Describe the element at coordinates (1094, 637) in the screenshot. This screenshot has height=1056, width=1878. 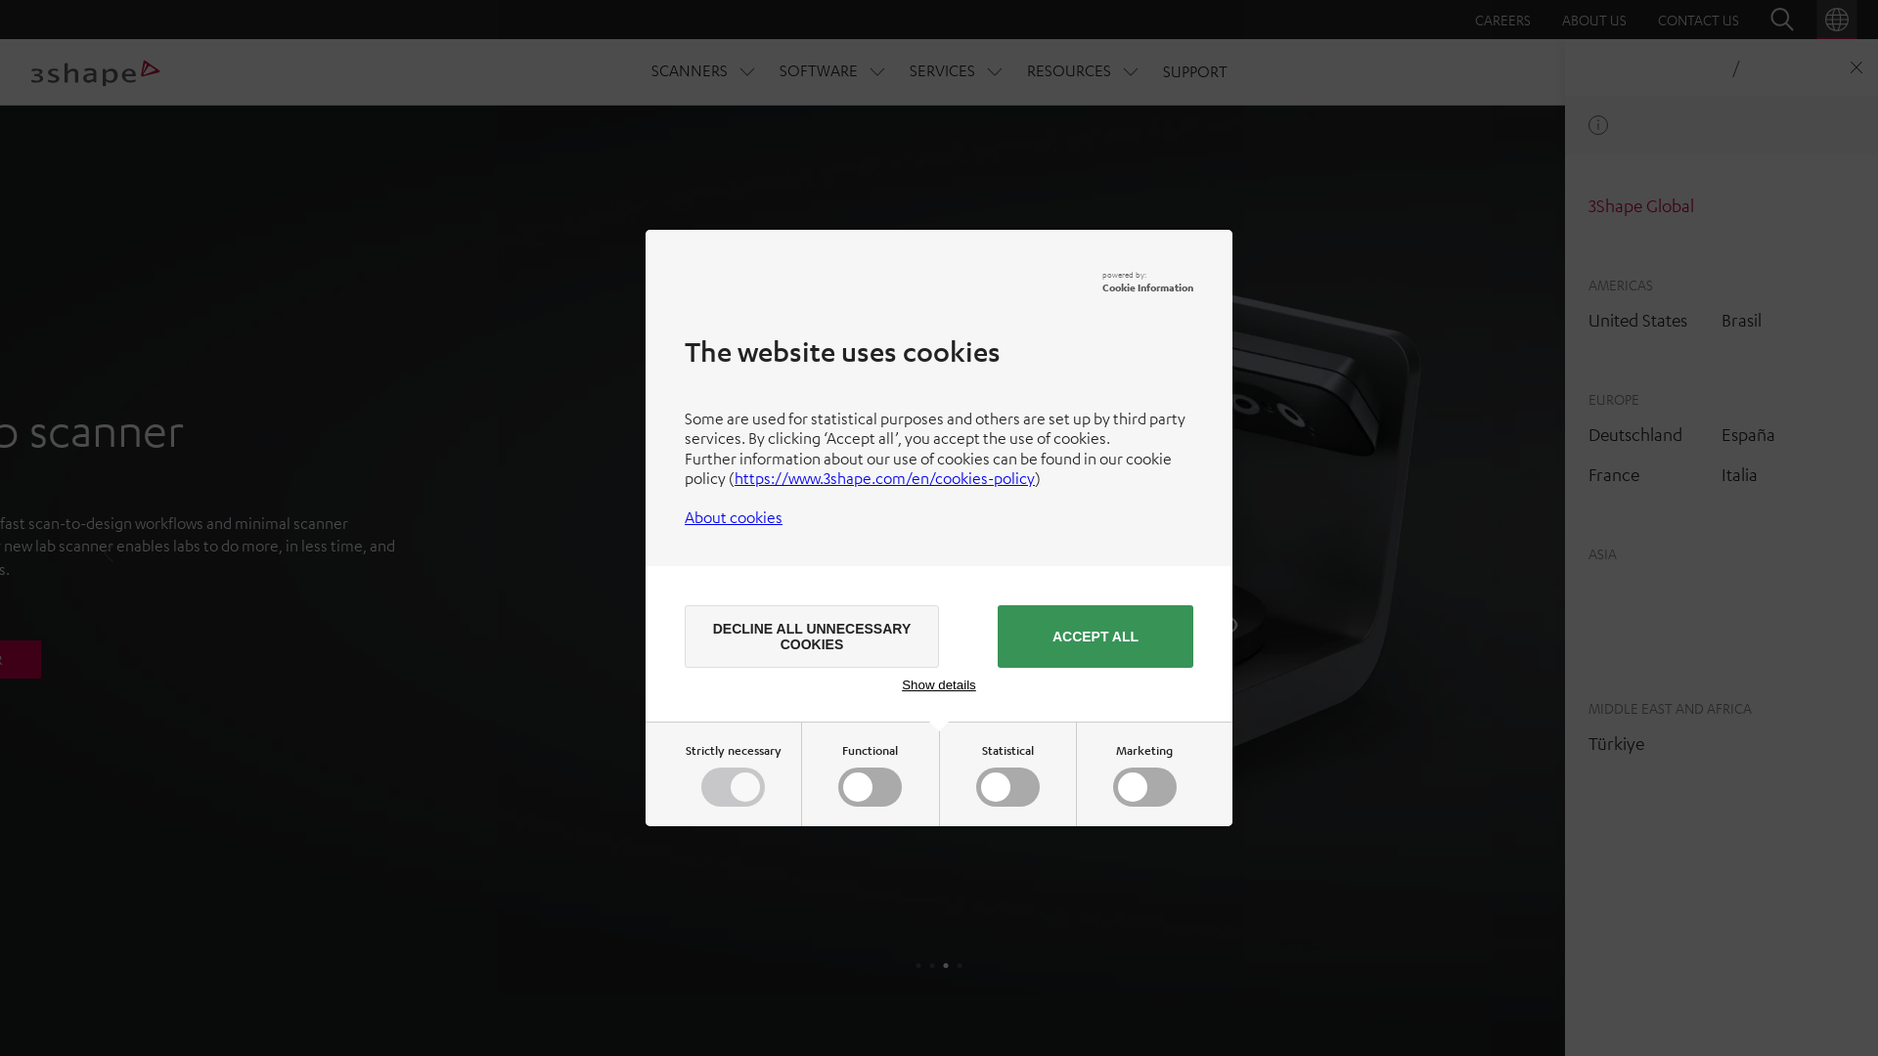
I see `'ACCEPT ALL'` at that location.